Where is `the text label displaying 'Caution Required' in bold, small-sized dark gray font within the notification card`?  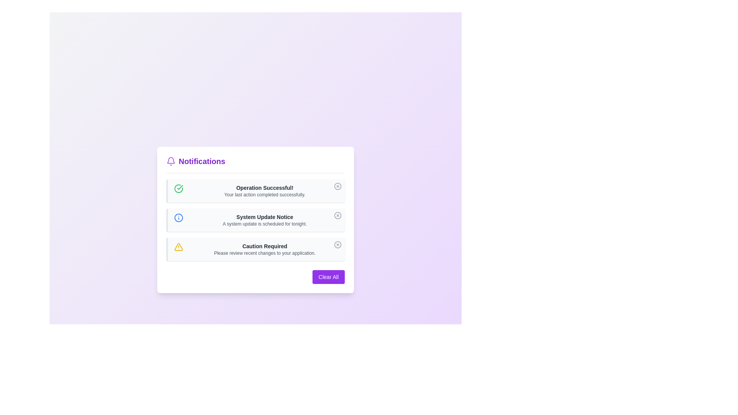
the text label displaying 'Caution Required' in bold, small-sized dark gray font within the notification card is located at coordinates (265, 246).